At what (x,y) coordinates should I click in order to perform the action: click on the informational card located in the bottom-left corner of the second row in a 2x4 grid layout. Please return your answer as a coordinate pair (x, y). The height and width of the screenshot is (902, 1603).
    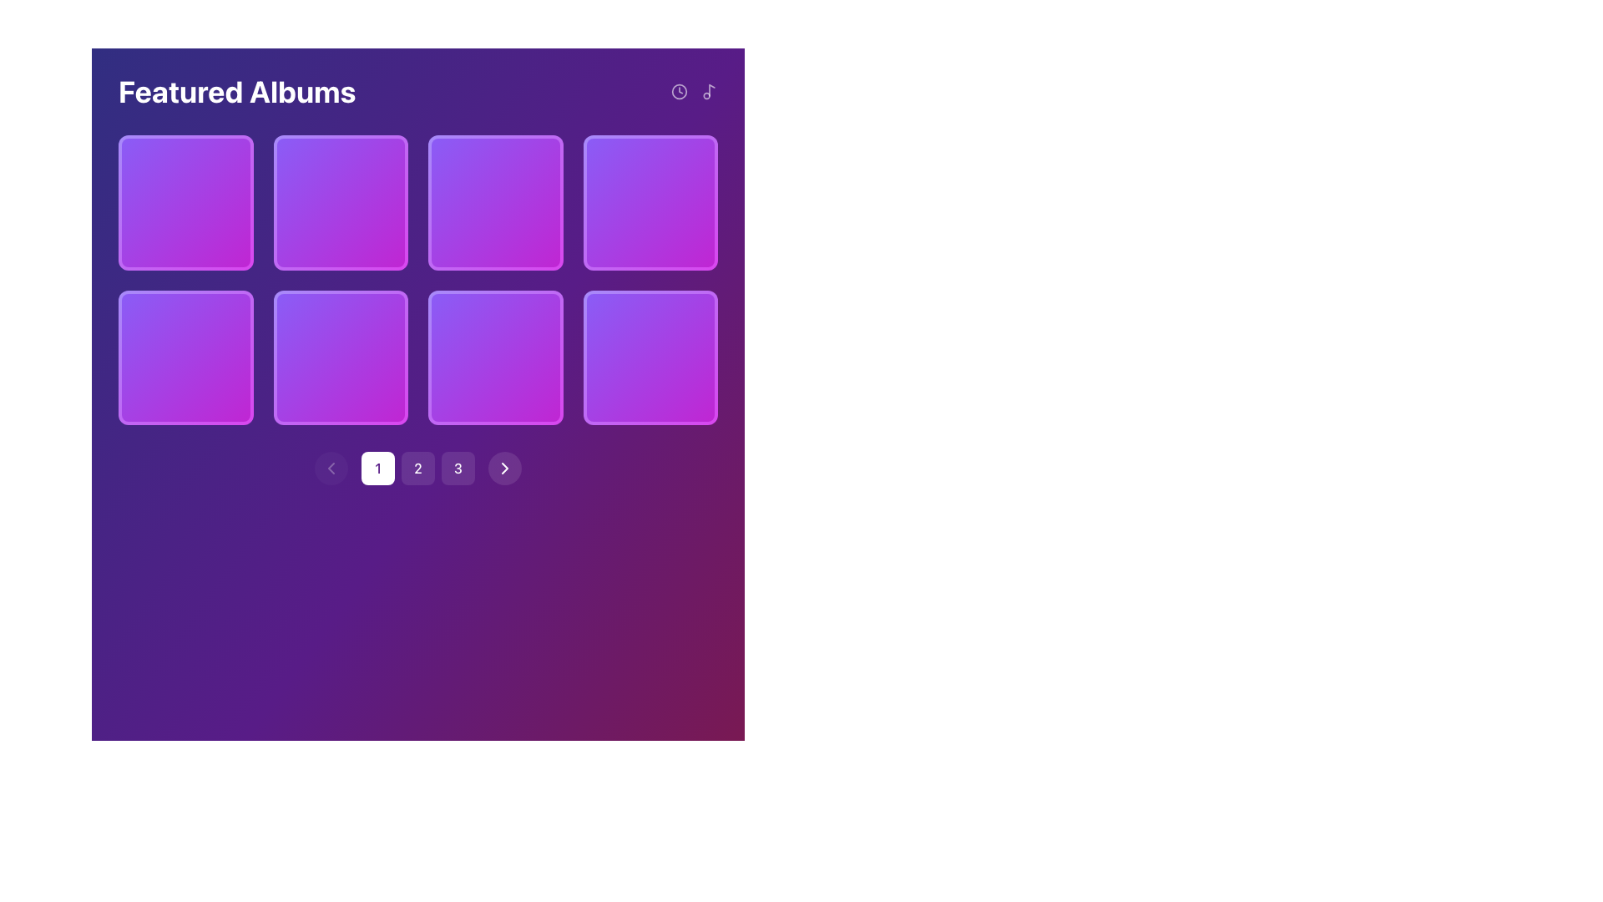
    Looking at the image, I should click on (185, 378).